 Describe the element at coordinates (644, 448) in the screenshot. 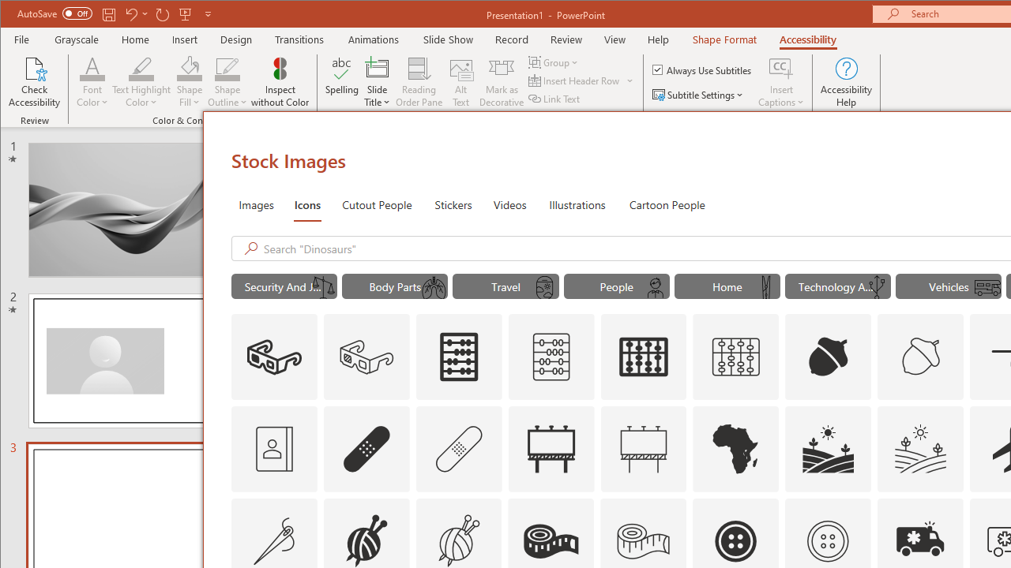

I see `'AutomationID: Icons_Advertising_M'` at that location.